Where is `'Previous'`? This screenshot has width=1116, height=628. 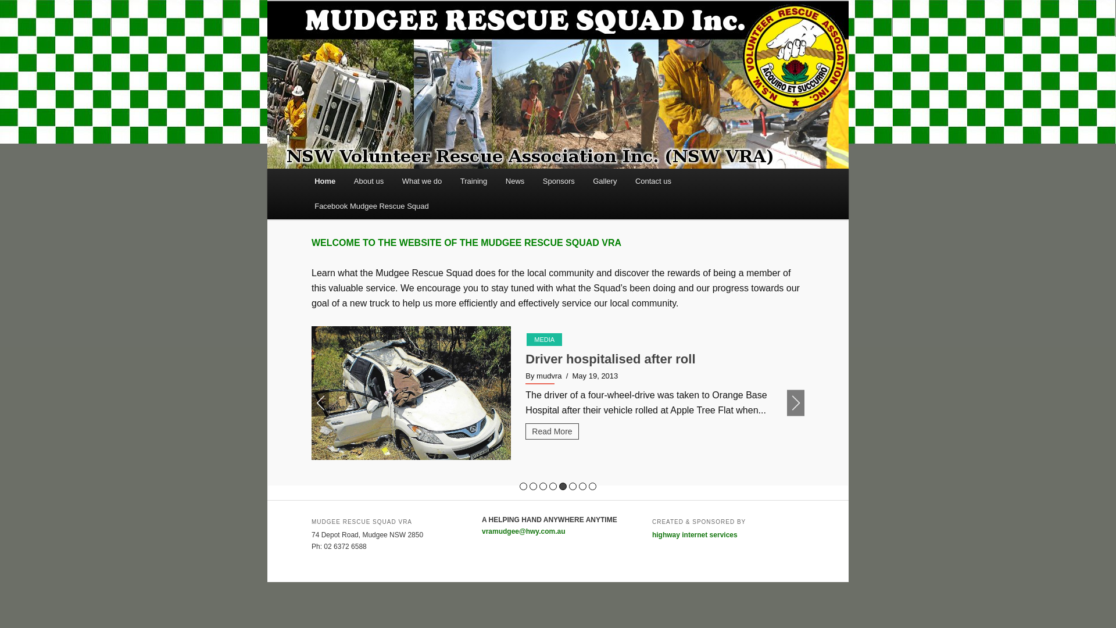
'Previous' is located at coordinates (320, 402).